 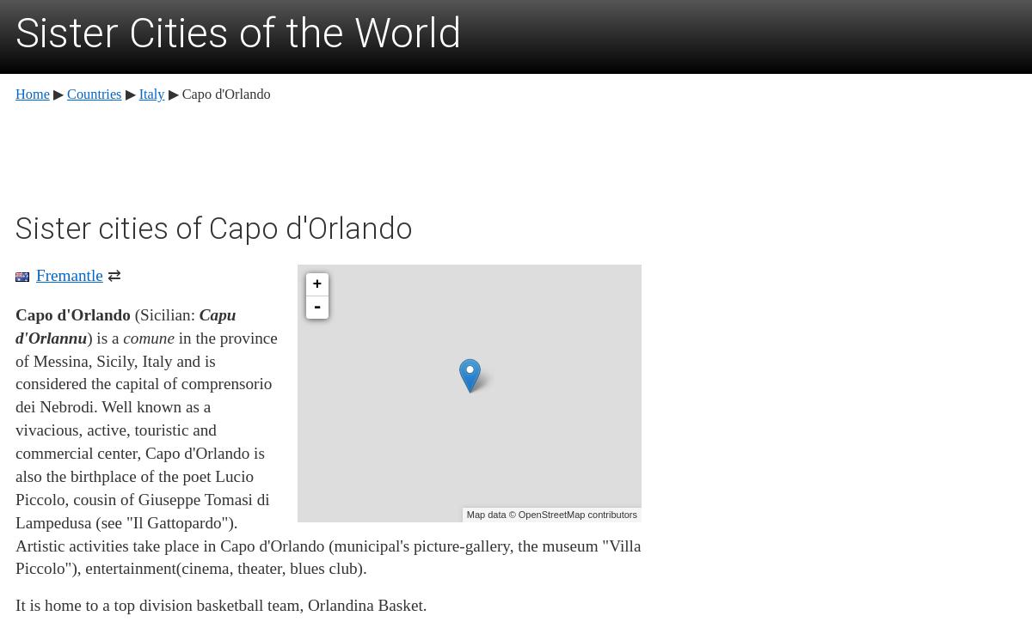 I want to click on 'It is home to a top division basketball team, Orlandina Basket.', so click(x=220, y=603).